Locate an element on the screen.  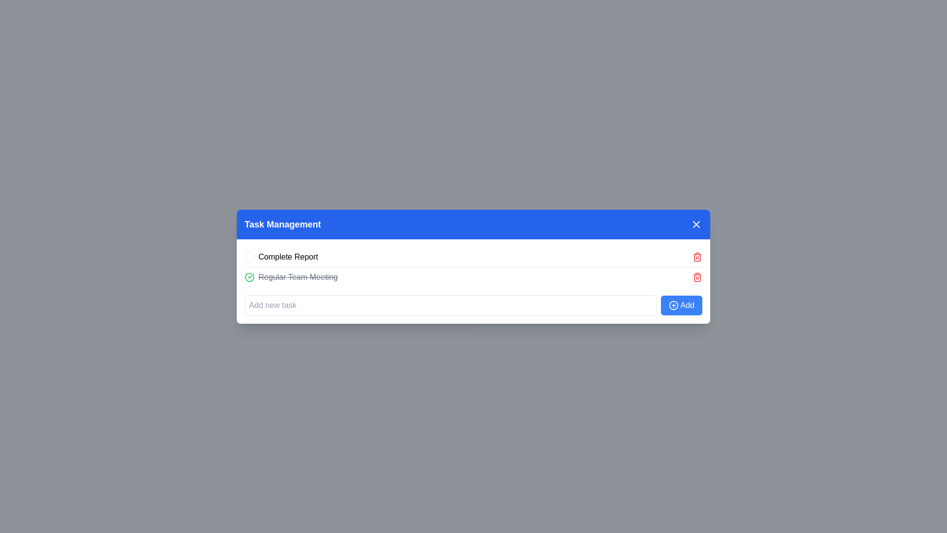
the task entry label for 'Complete Report' is located at coordinates (281, 256).